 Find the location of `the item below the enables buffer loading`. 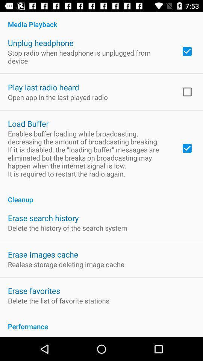

the item below the enables buffer loading is located at coordinates (101, 195).